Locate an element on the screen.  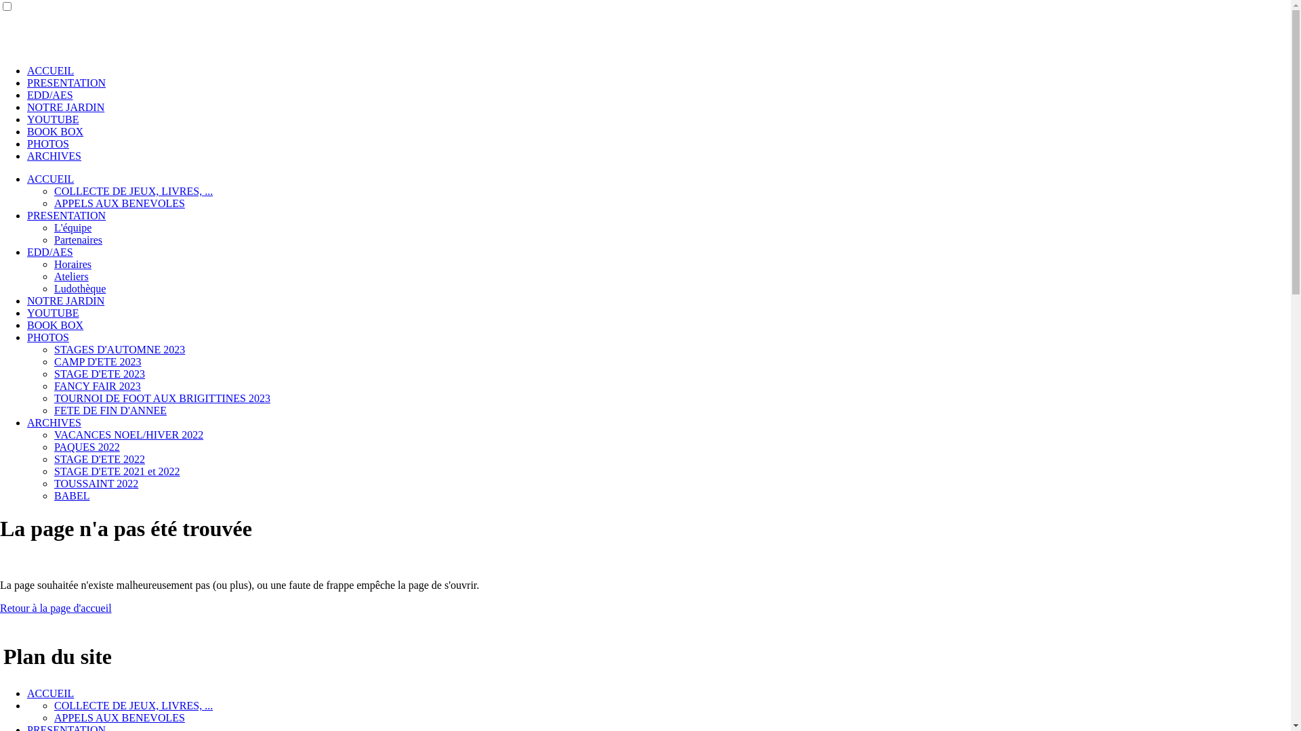
'CAMP D'ETE 2023' is located at coordinates (97, 361).